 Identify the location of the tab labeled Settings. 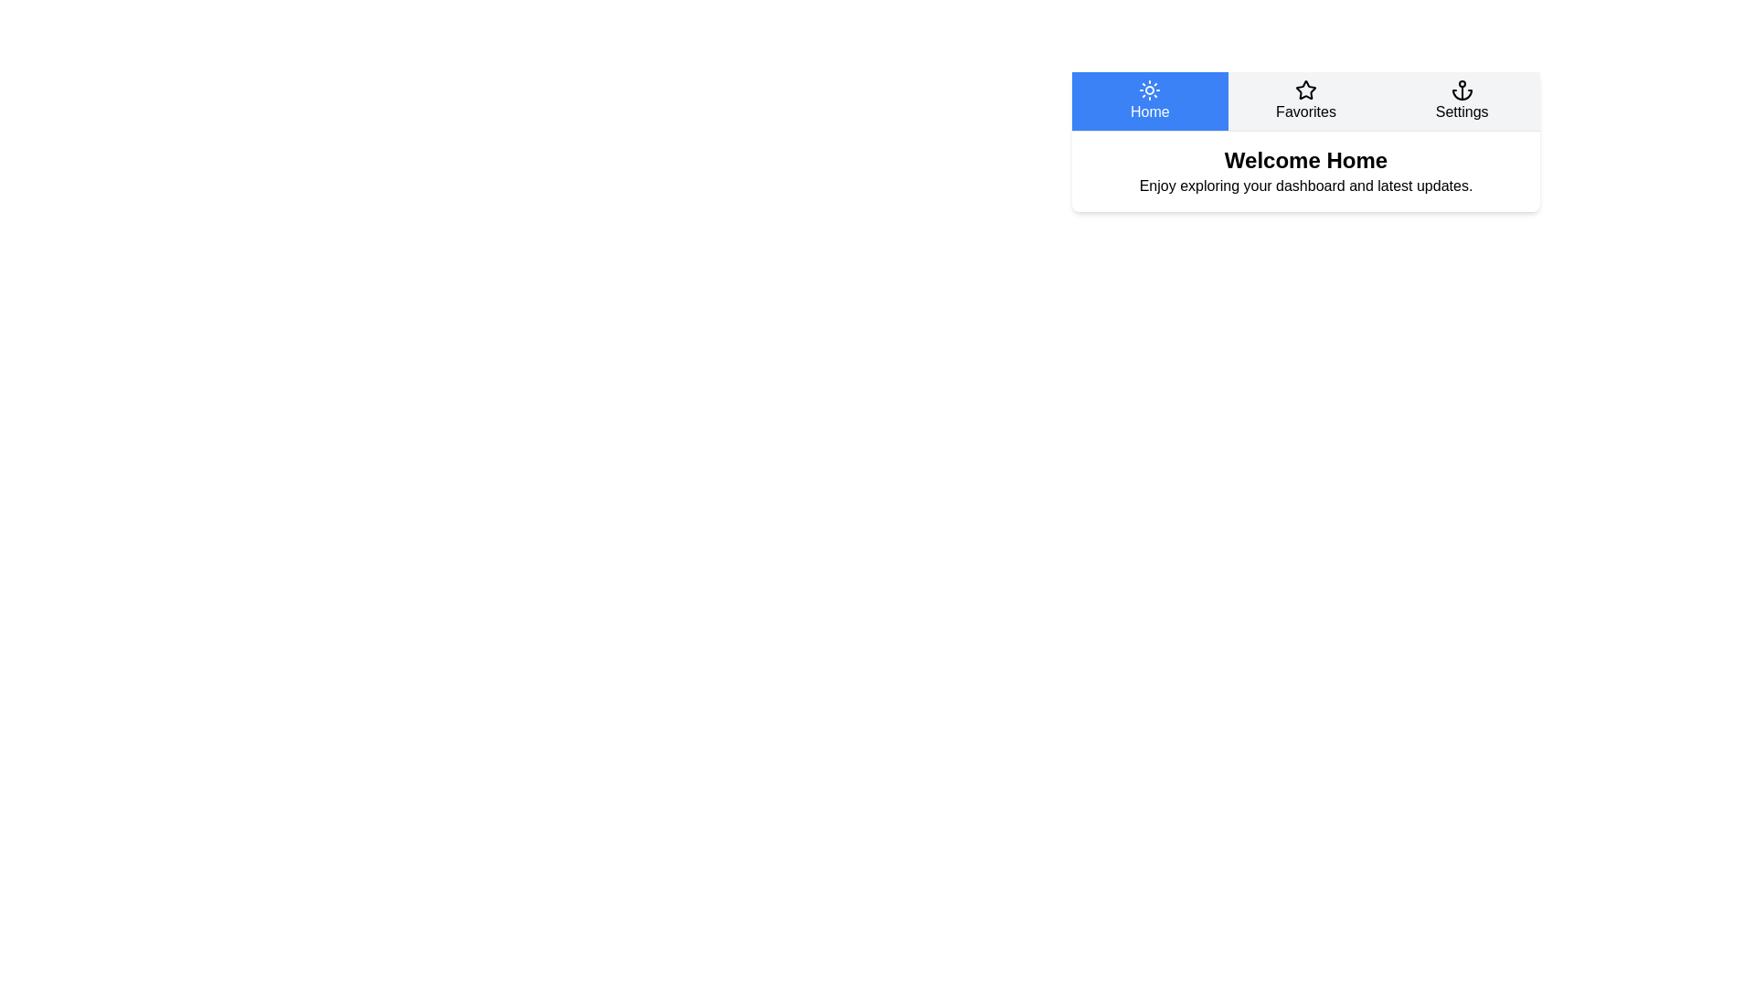
(1460, 101).